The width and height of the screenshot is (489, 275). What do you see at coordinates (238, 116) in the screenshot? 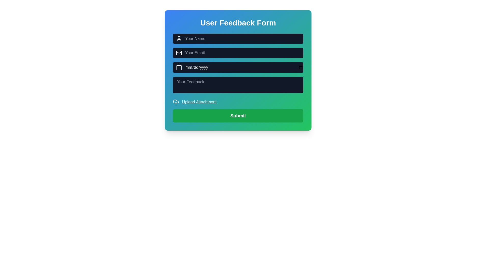
I see `the 'Submit' button with a green background and bold white font located at the bottom of the form` at bounding box center [238, 116].